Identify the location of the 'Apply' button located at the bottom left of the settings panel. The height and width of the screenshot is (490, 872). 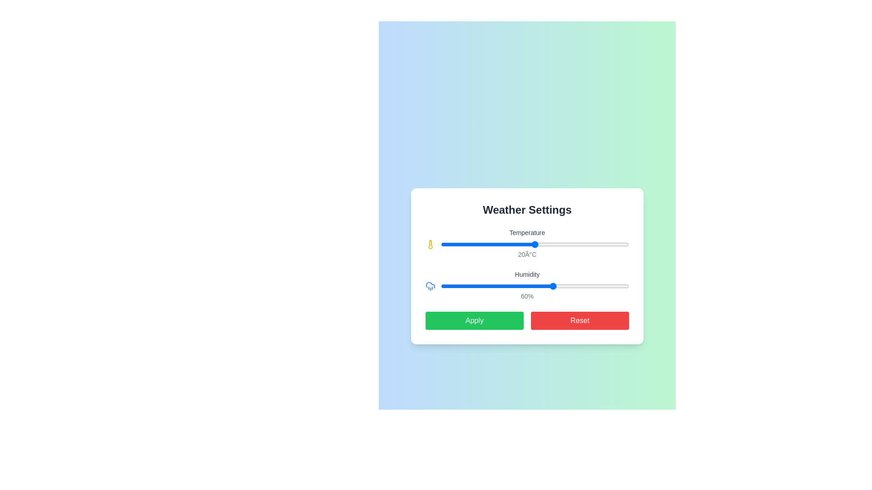
(474, 320).